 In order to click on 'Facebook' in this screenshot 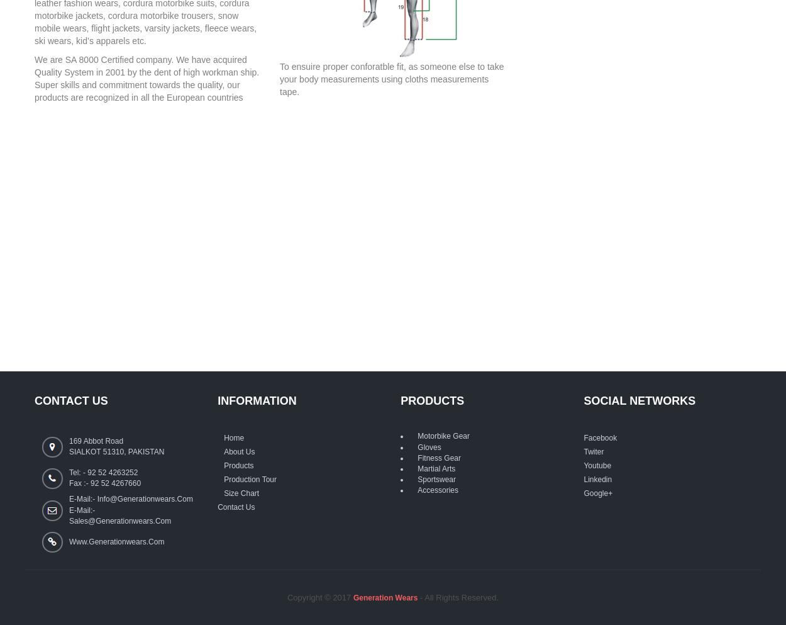, I will do `click(599, 437)`.